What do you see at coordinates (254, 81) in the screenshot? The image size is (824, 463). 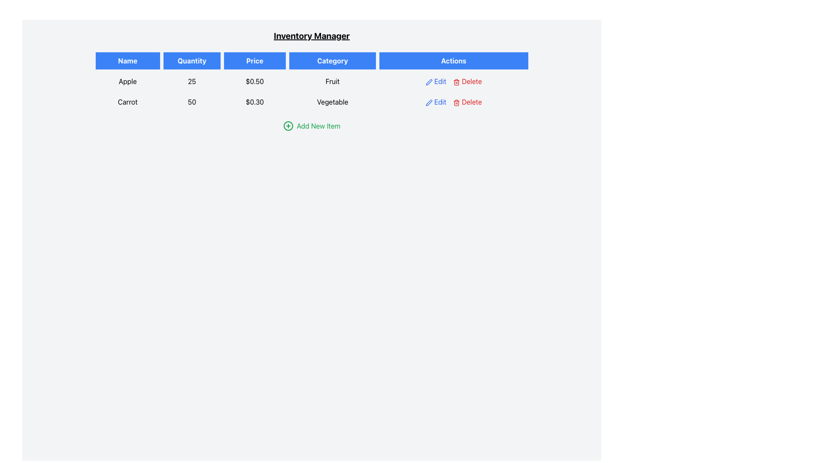 I see `the static text label displaying '$0.50' in the third column of the first row of the table interface` at bounding box center [254, 81].